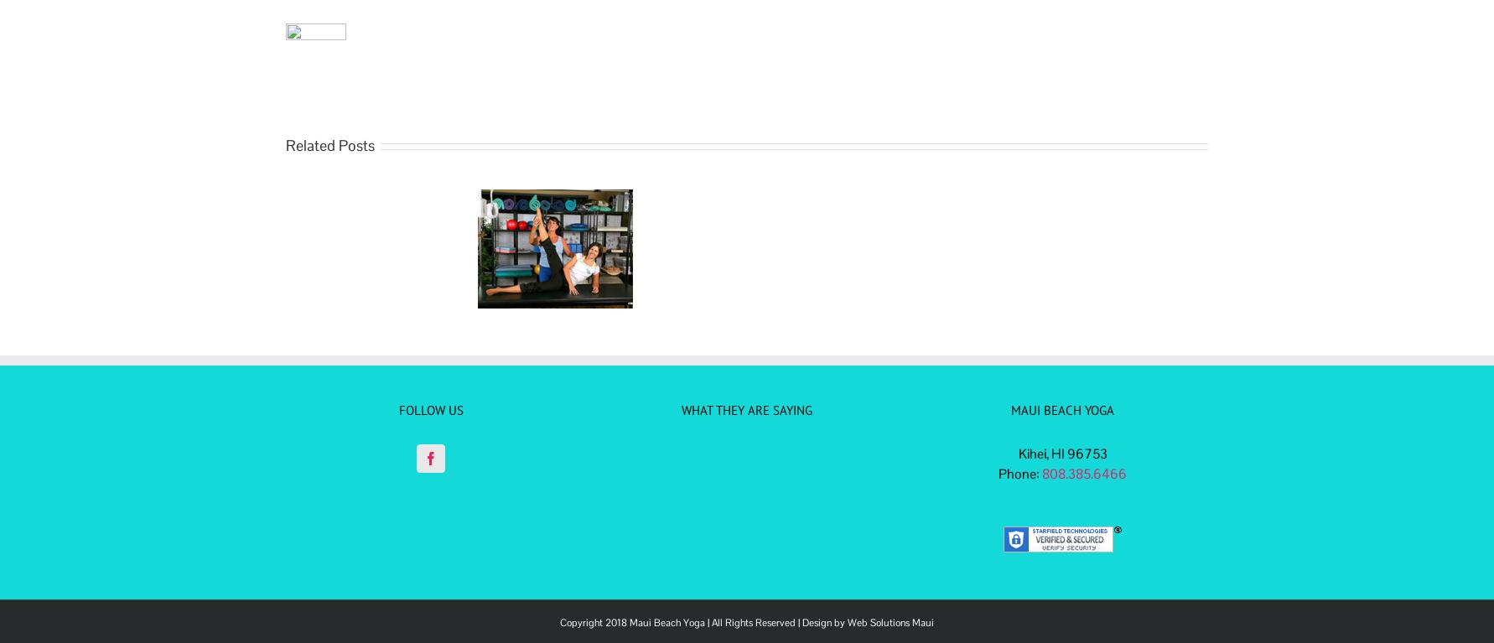 This screenshot has width=1494, height=643. What do you see at coordinates (399, 266) in the screenshot?
I see `'Movement for Weight Loss'` at bounding box center [399, 266].